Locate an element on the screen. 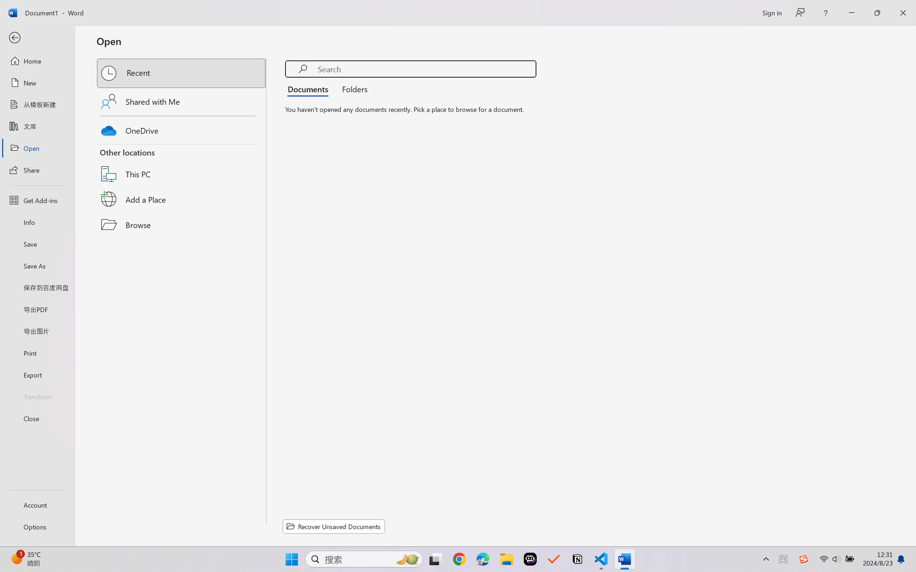 Image resolution: width=916 pixels, height=572 pixels. 'Export' is located at coordinates (37, 374).